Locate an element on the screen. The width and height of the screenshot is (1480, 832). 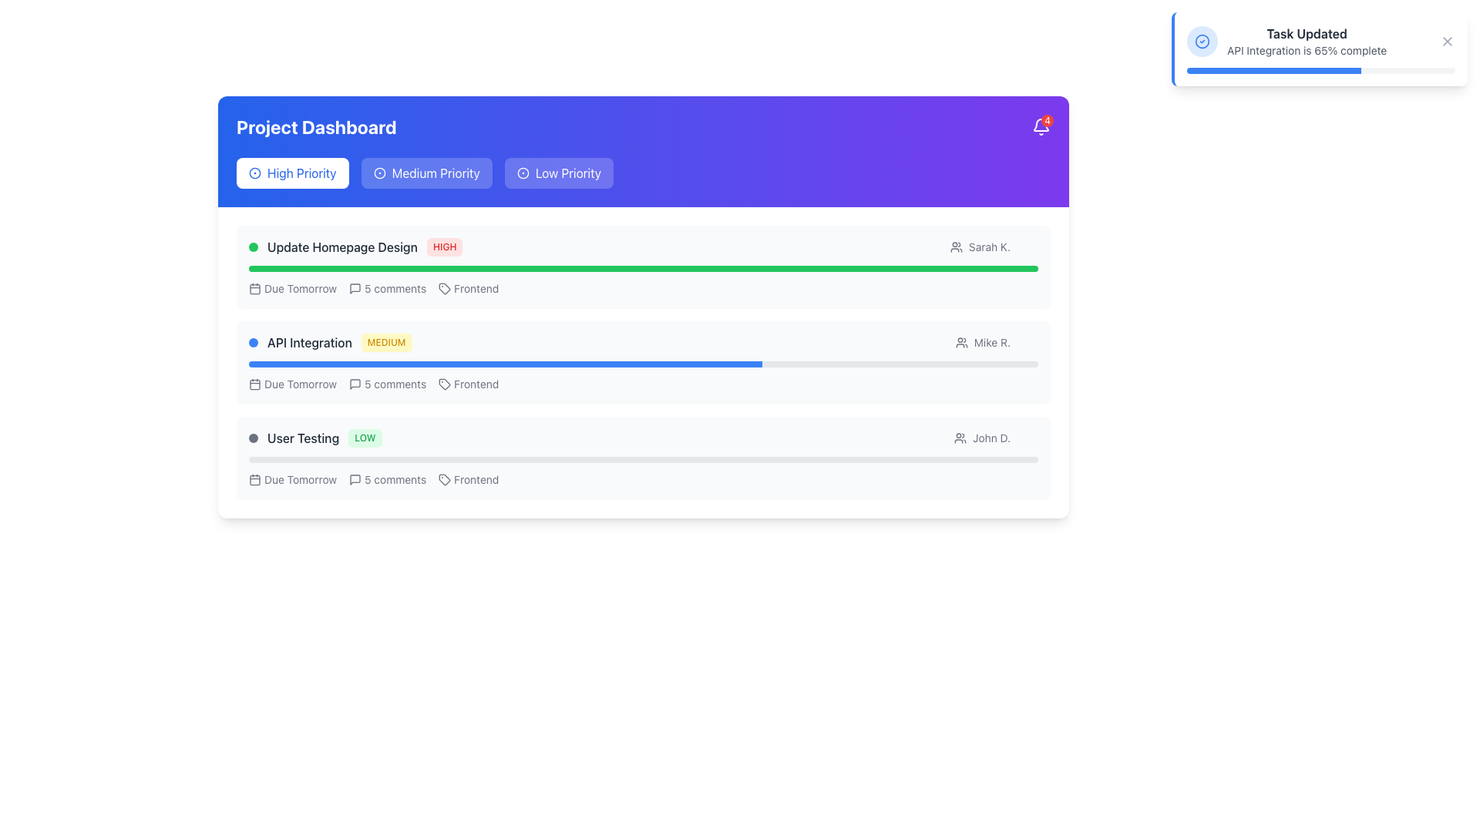
the progress bar located is located at coordinates (644, 364).